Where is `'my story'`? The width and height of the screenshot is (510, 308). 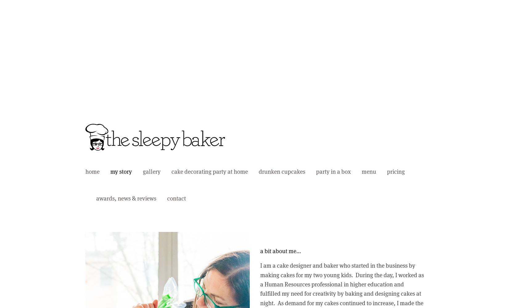 'my story' is located at coordinates (121, 171).